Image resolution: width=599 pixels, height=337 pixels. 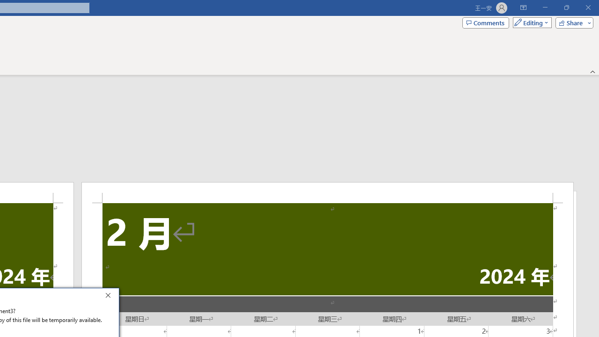 I want to click on 'Restore Down', so click(x=566, y=7).